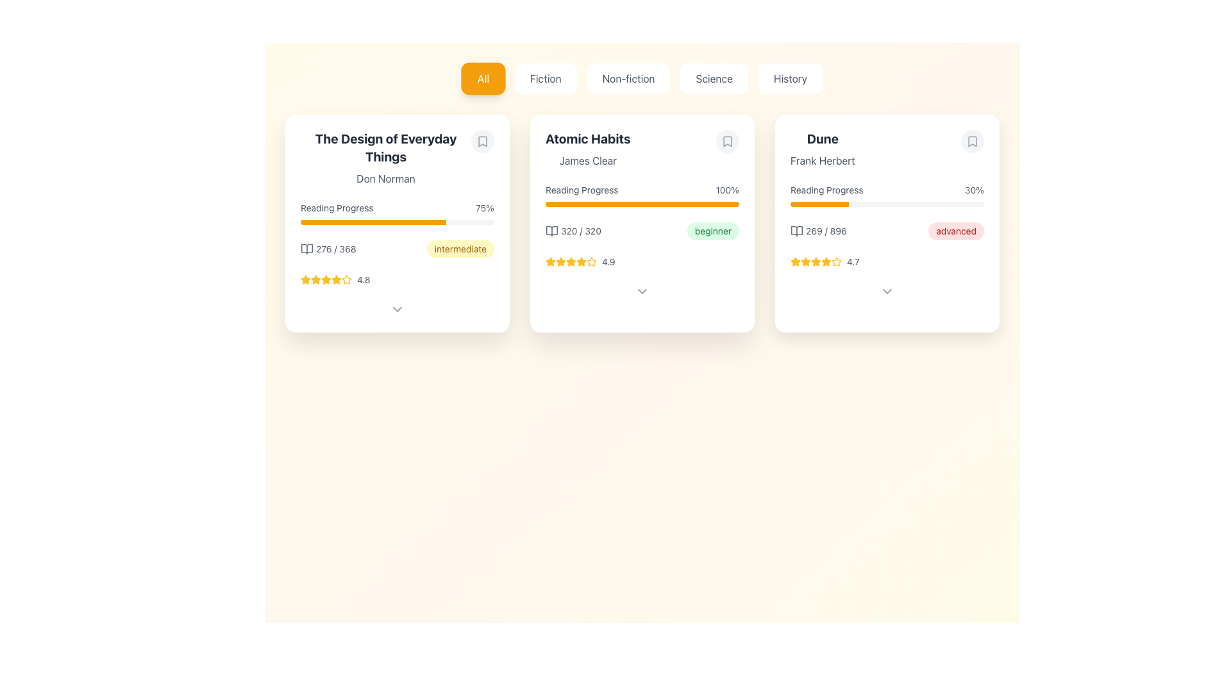  I want to click on the circular button with a gray background and a bookmark icon located in the top-right corner of the 'Dune' book section card, so click(972, 141).